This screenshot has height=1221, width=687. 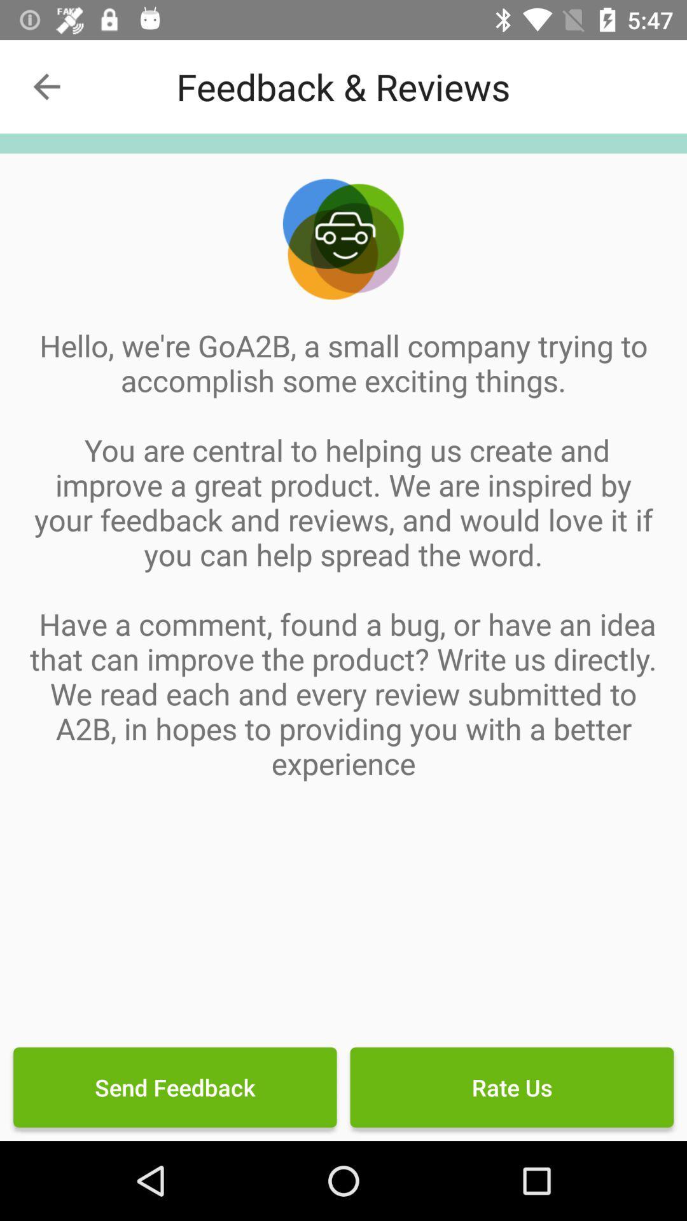 I want to click on the rate us item, so click(x=511, y=1086).